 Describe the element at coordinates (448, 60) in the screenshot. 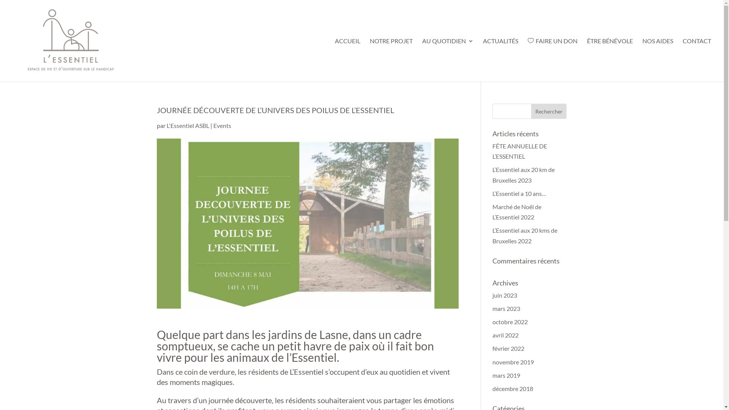

I see `'AU QUOTIDIEN'` at that location.